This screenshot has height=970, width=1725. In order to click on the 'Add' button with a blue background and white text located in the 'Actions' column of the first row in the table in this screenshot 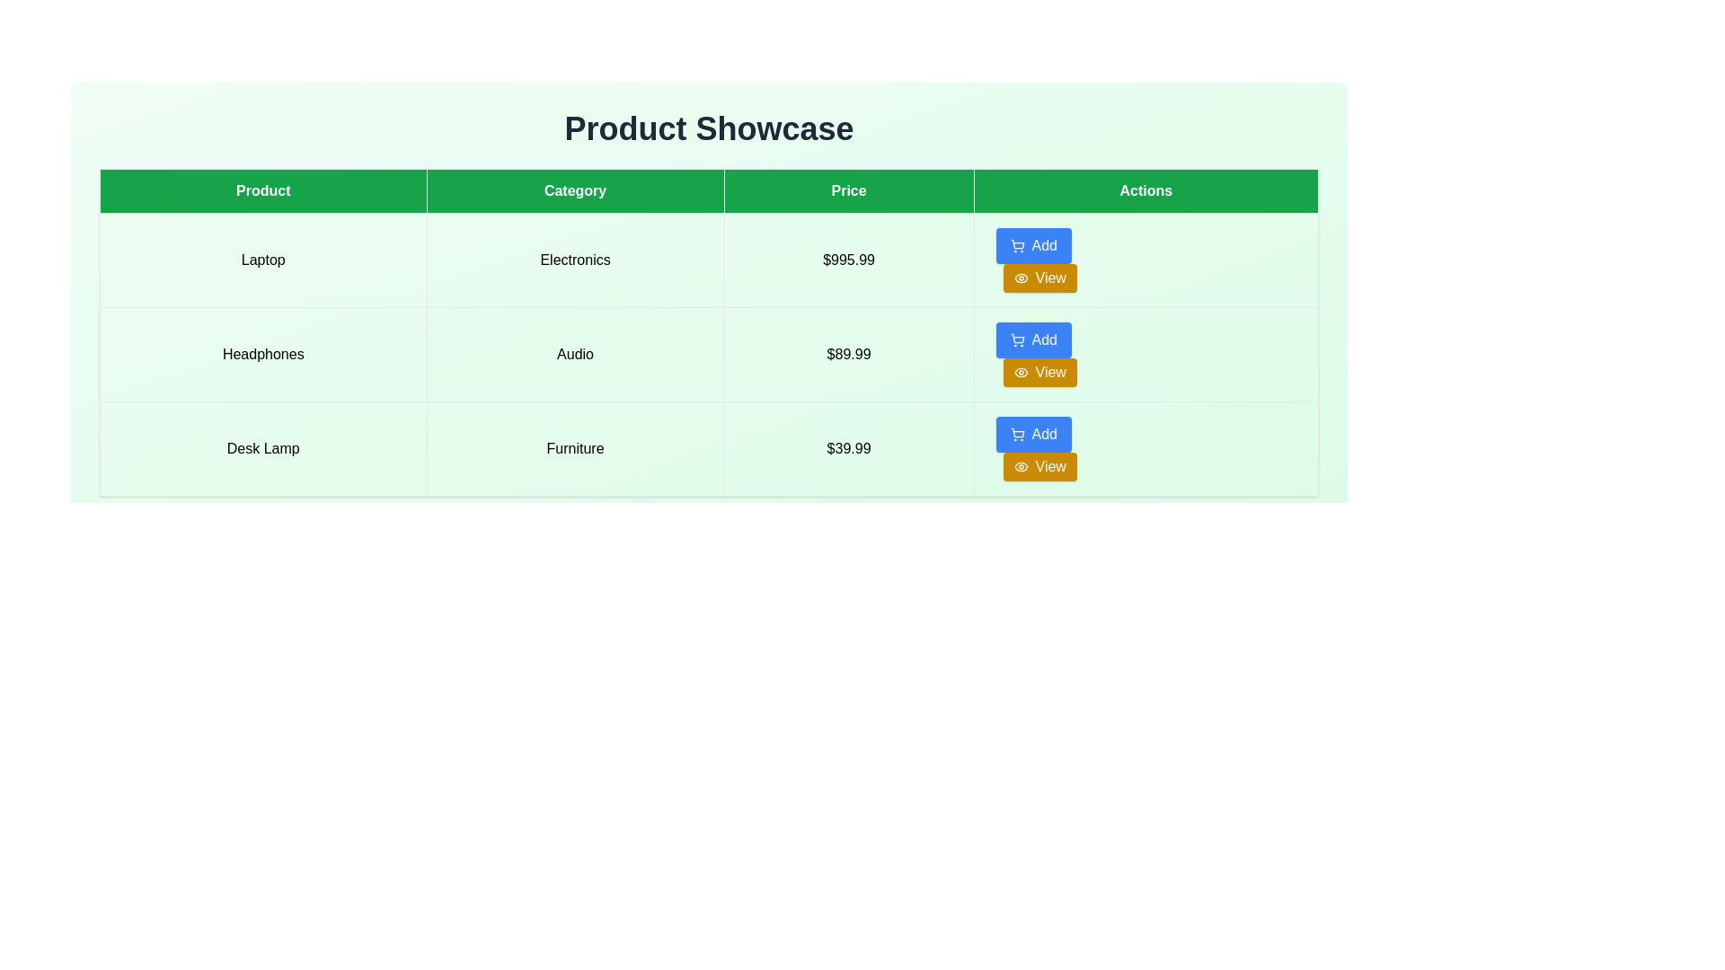, I will do `click(1033, 245)`.